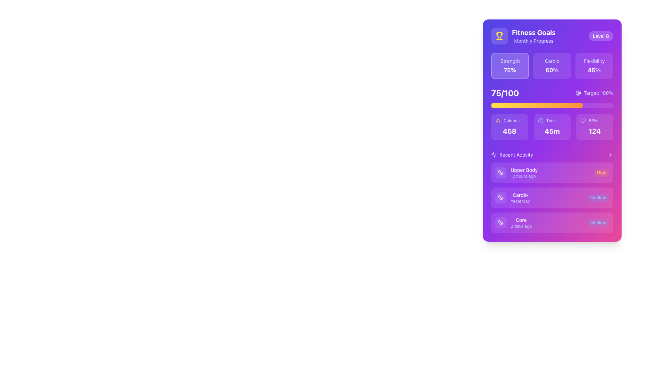  What do you see at coordinates (594, 131) in the screenshot?
I see `text label displaying the number '124' in bold, white font, located in the lower-right corner of the vibrant purple card interface` at bounding box center [594, 131].